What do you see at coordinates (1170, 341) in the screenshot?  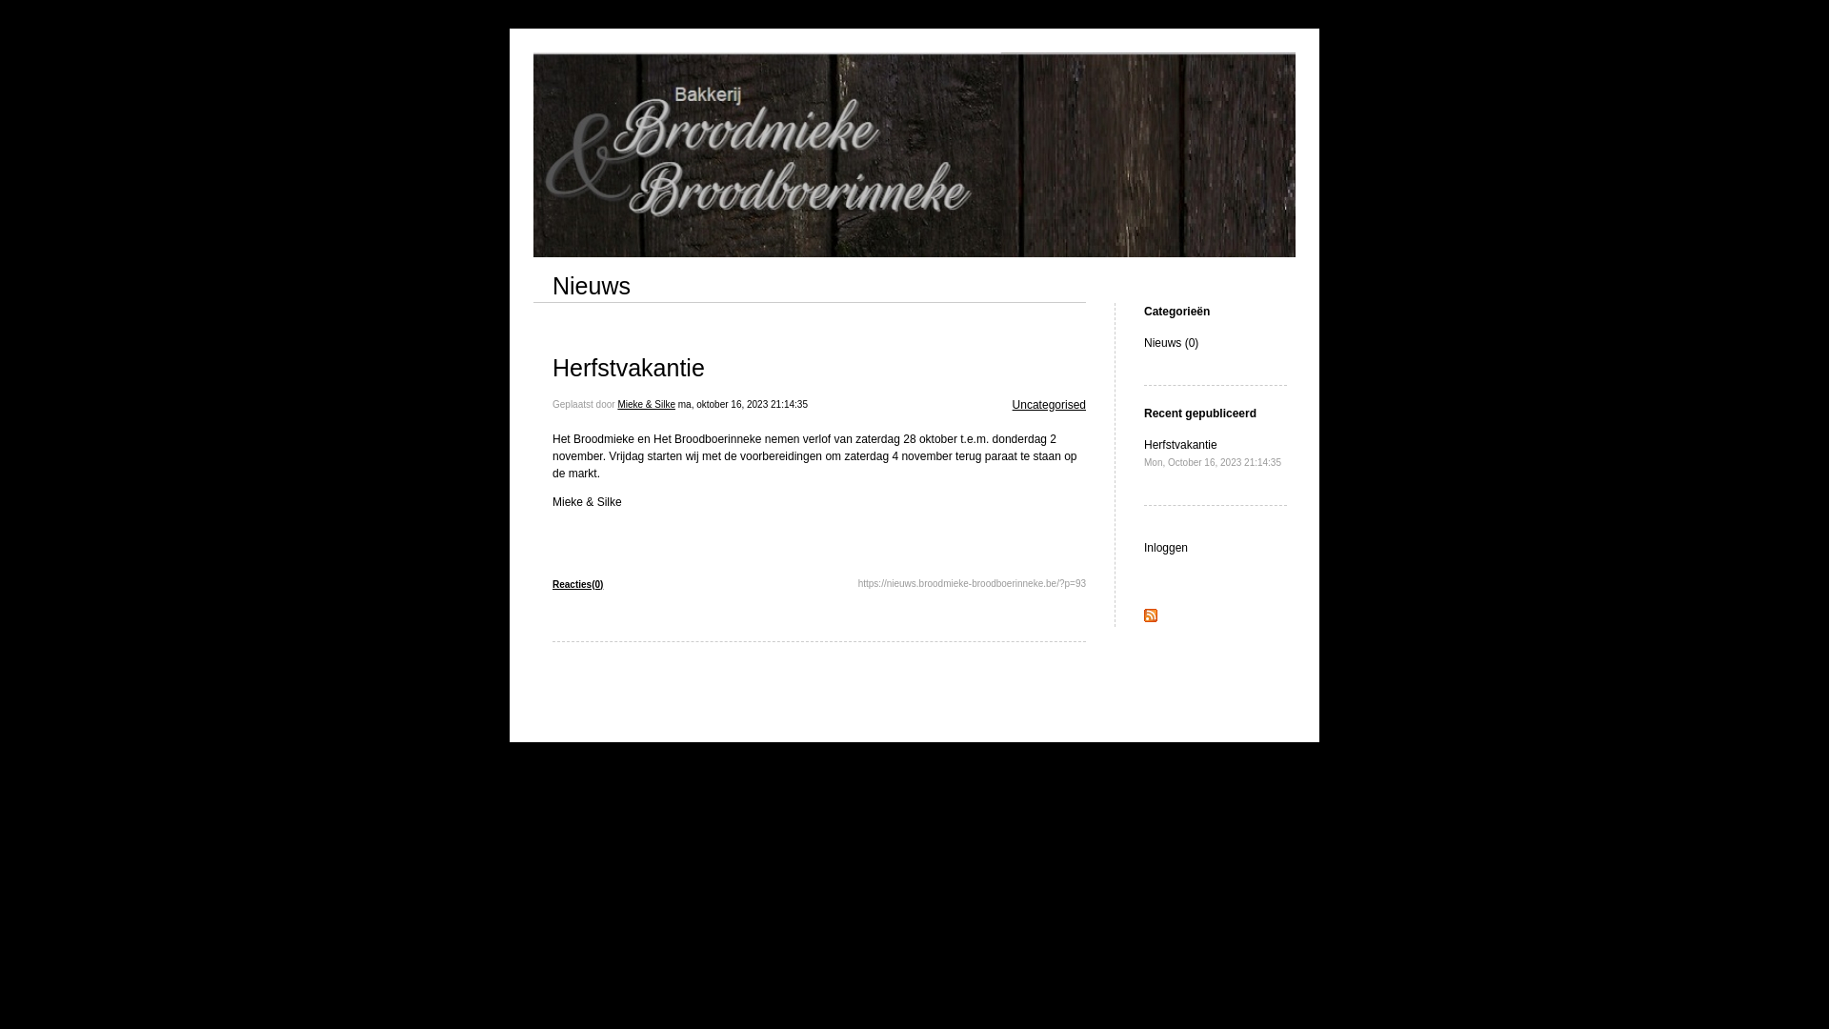 I see `'Nieuws (0)'` at bounding box center [1170, 341].